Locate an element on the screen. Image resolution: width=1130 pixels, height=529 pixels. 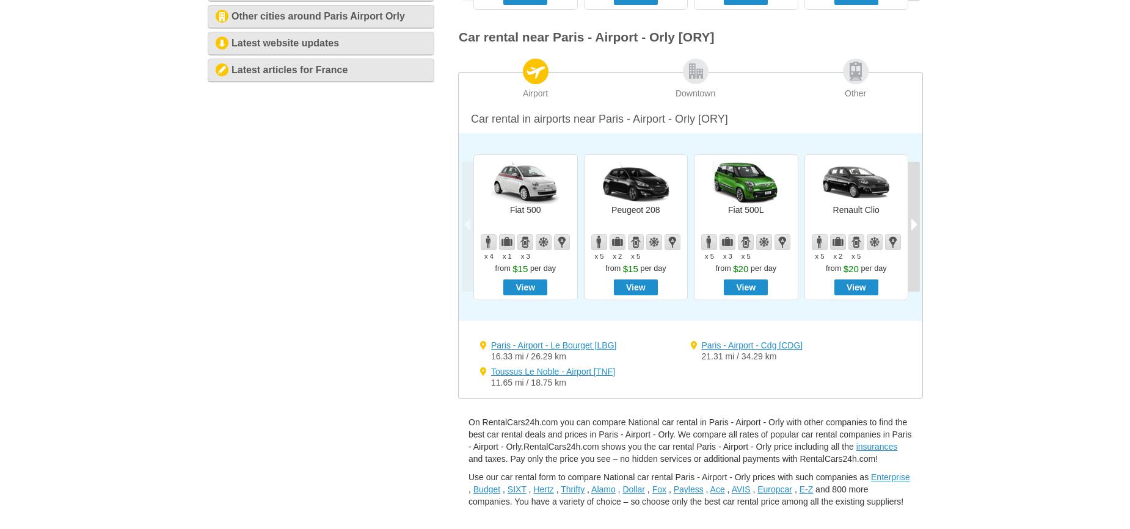
'Use our car rental form to compare National car rental Paris - Airport - Orly prices with such companies as' is located at coordinates (669, 477).